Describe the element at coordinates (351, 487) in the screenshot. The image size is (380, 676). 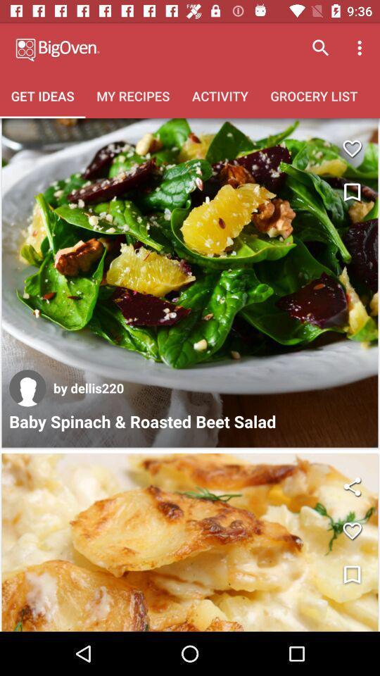
I see `share the article` at that location.